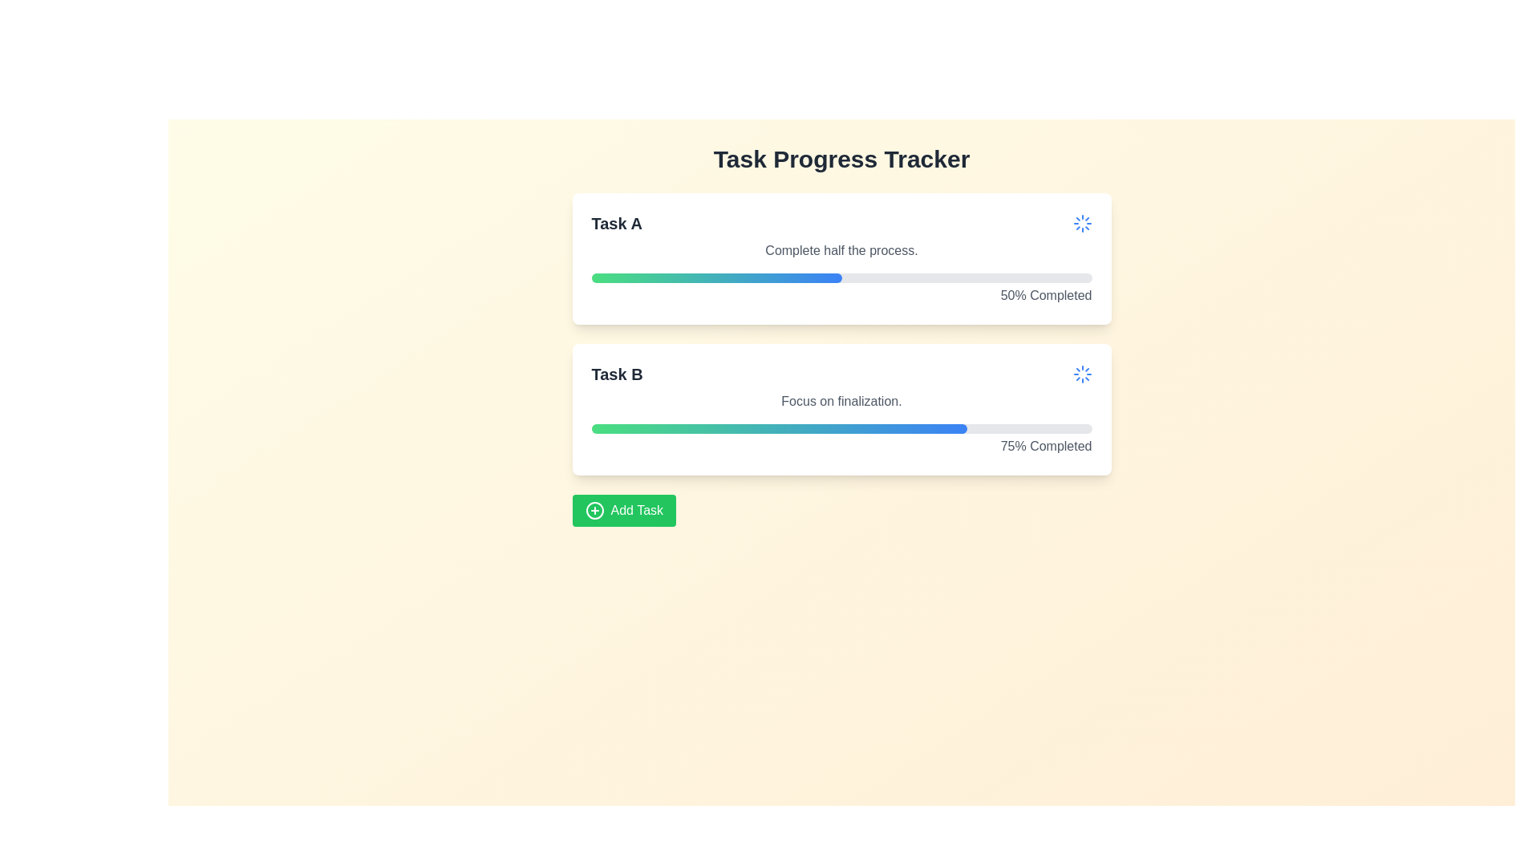 The height and width of the screenshot is (866, 1540). Describe the element at coordinates (594, 510) in the screenshot. I see `the add icon located within the green button labeled 'Add Task'` at that location.